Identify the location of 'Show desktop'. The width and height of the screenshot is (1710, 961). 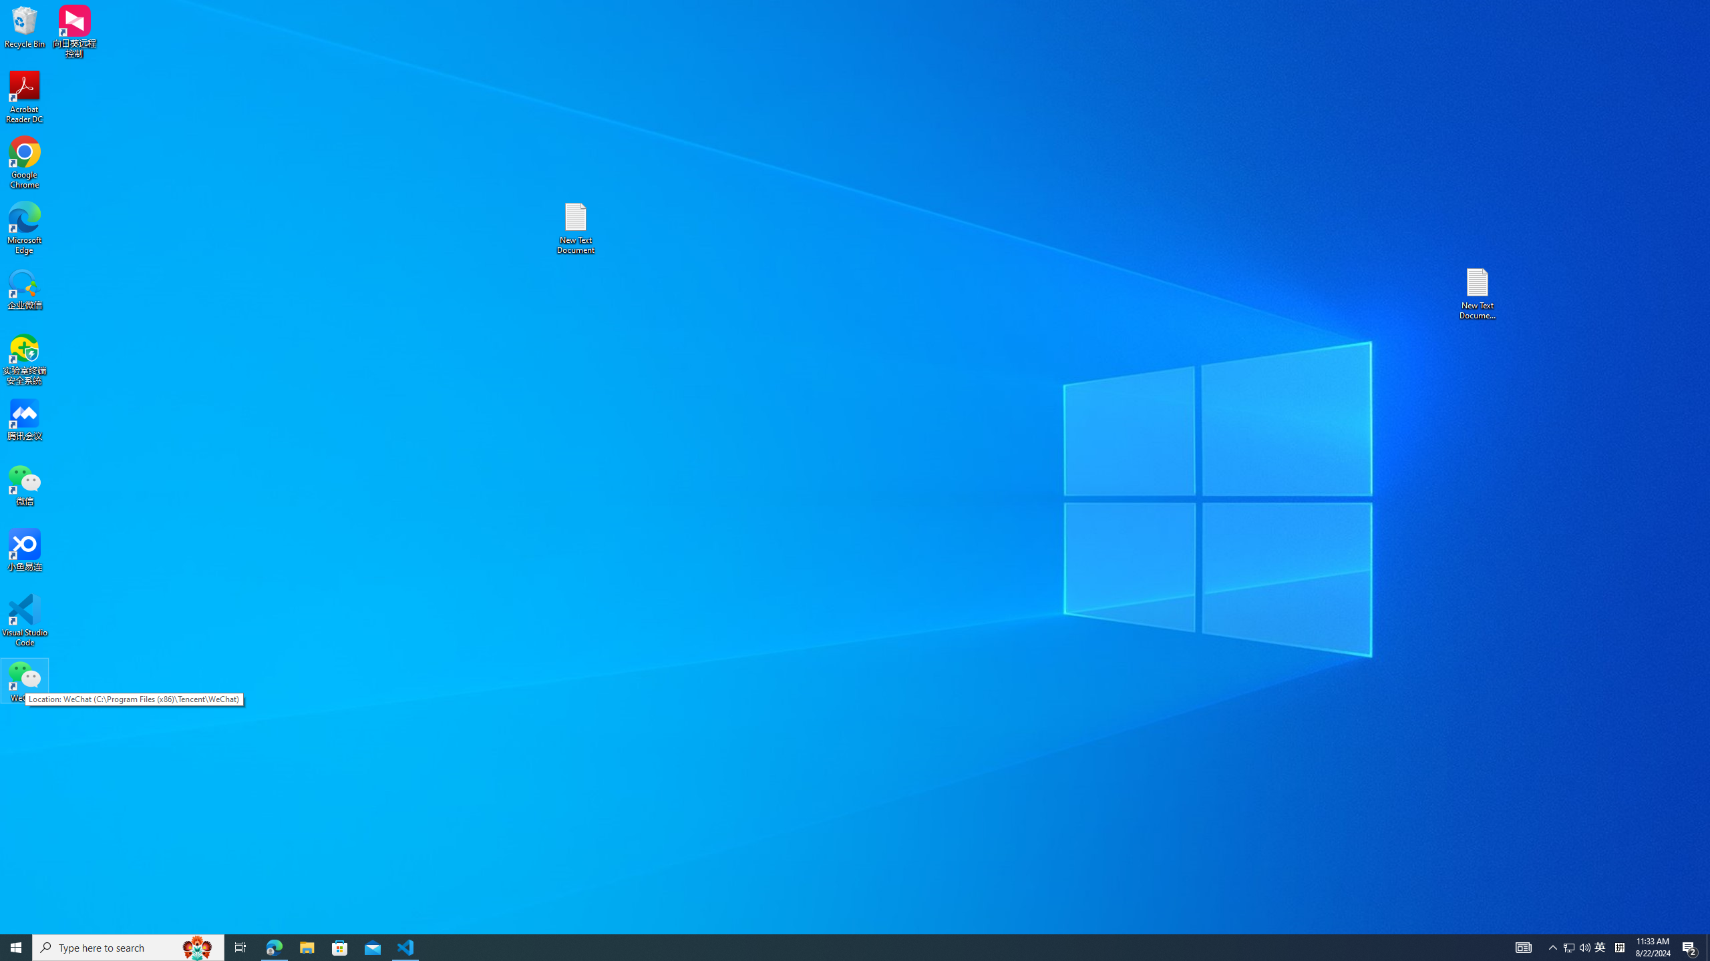
(1707, 946).